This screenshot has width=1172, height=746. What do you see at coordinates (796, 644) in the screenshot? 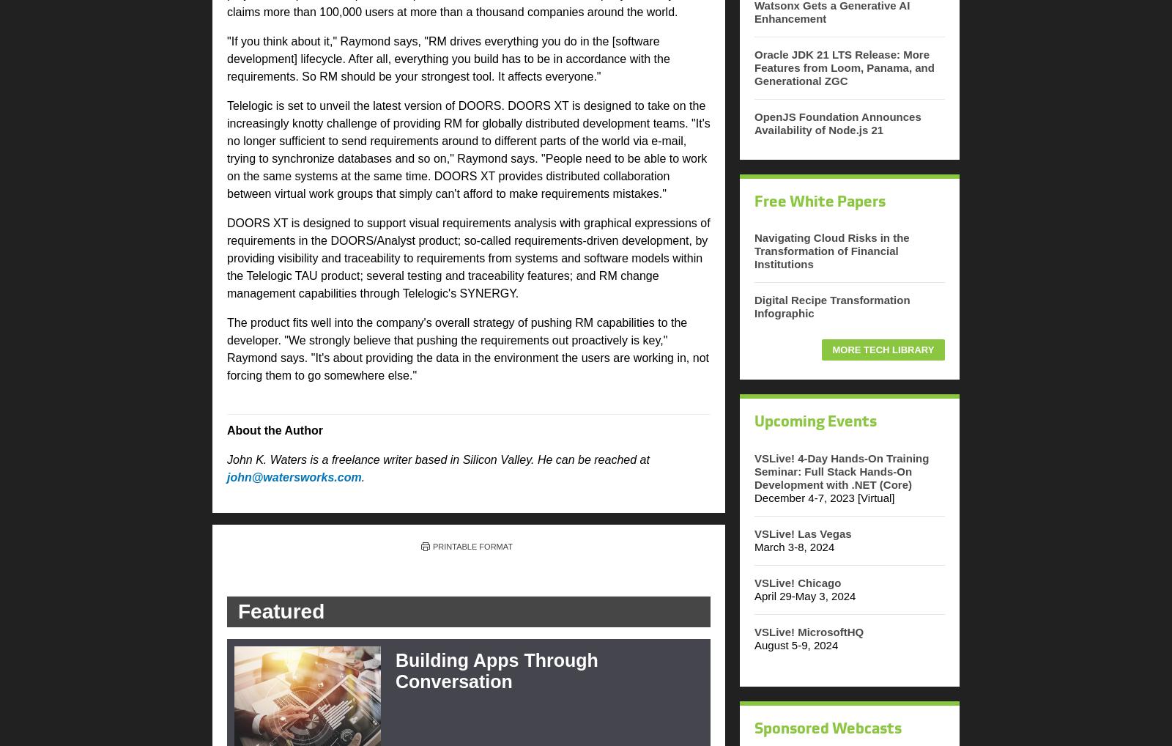
I see `'August 5-9, 2024'` at bounding box center [796, 644].